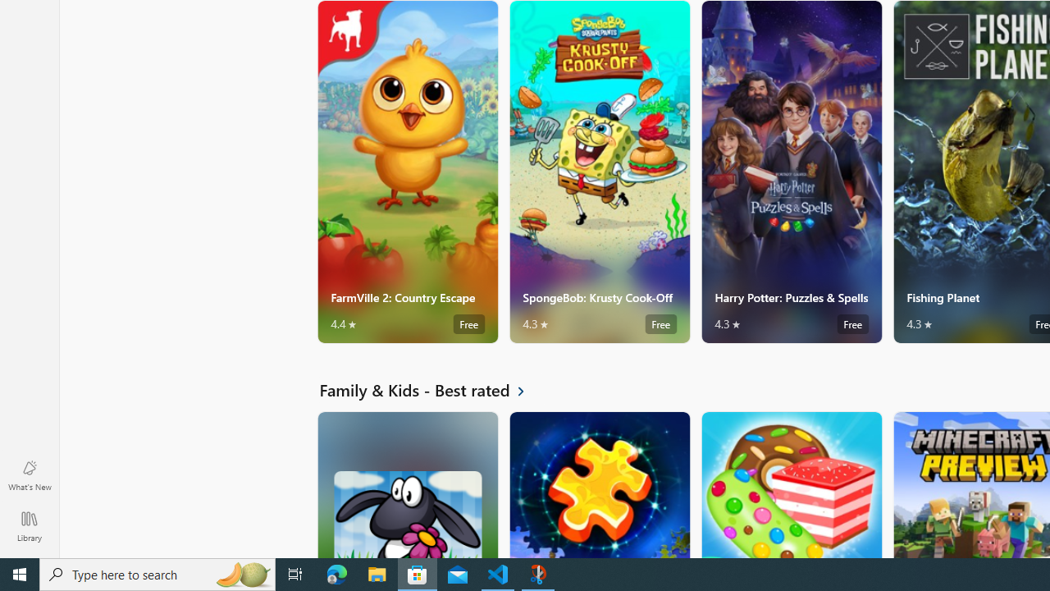  What do you see at coordinates (29, 474) in the screenshot?
I see `'What'` at bounding box center [29, 474].